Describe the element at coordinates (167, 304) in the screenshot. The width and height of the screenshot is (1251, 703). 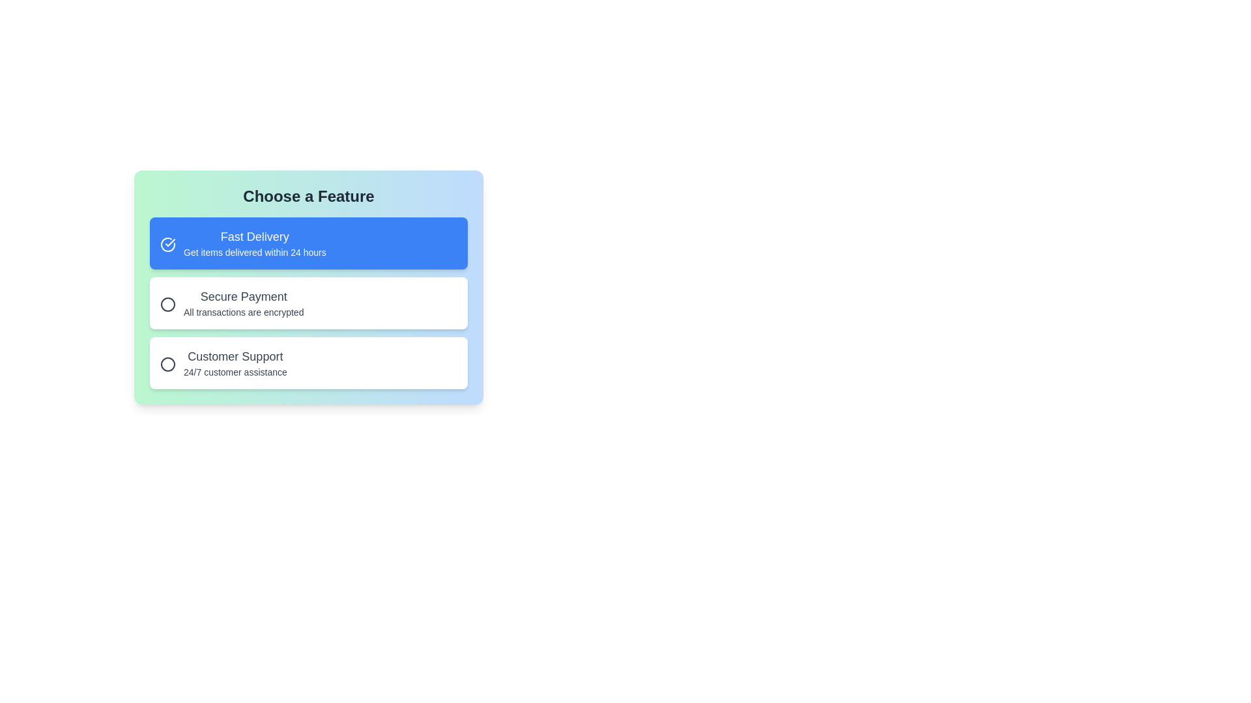
I see `the circular icon located to the left of the 'Secure Payment' label within the 'Choose a Feature' card` at that location.